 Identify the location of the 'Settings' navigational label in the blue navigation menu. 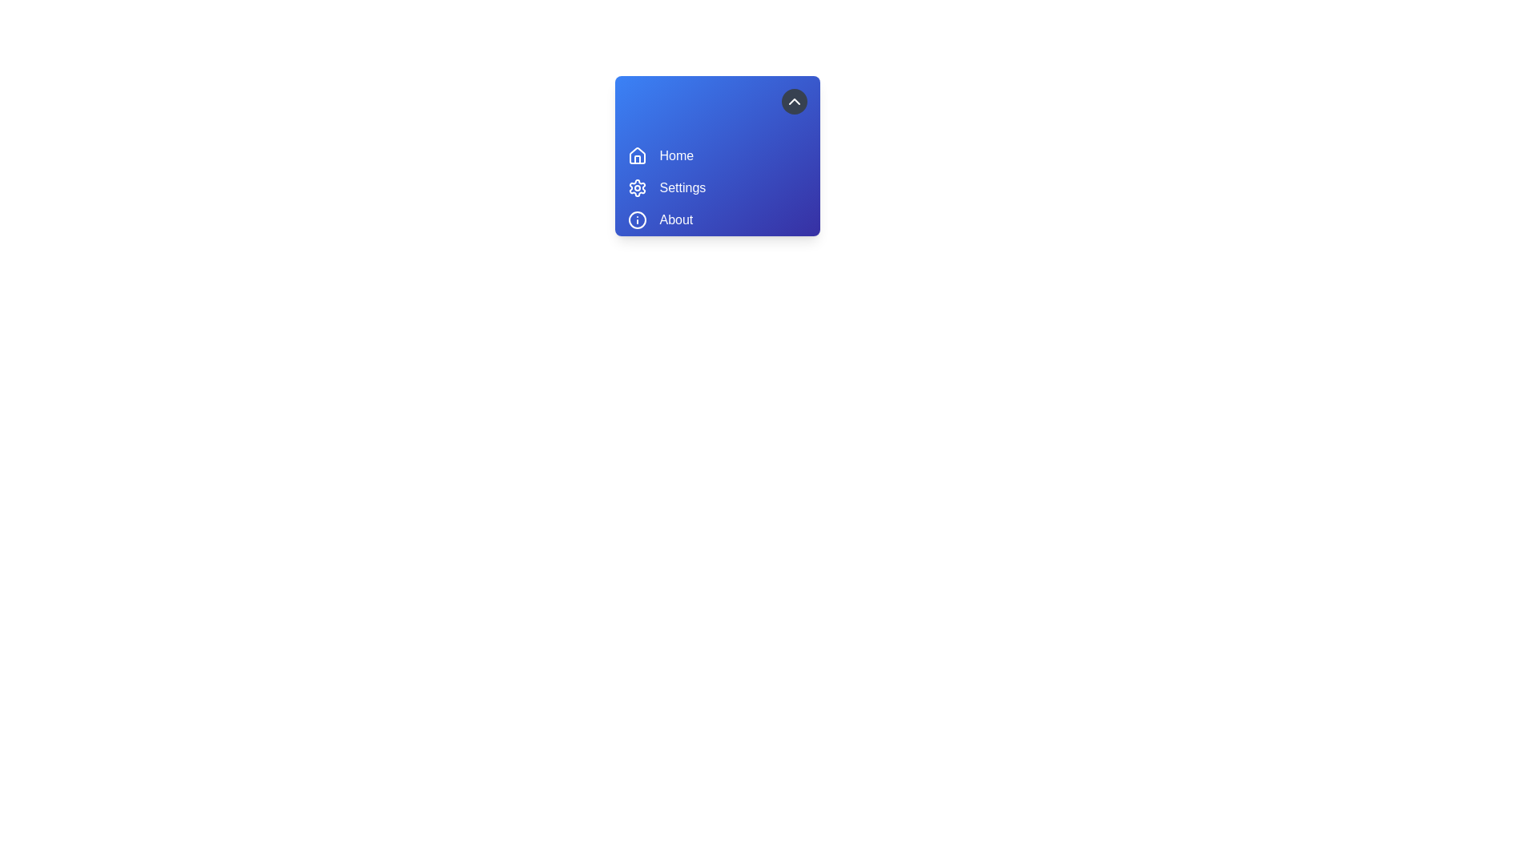
(682, 187).